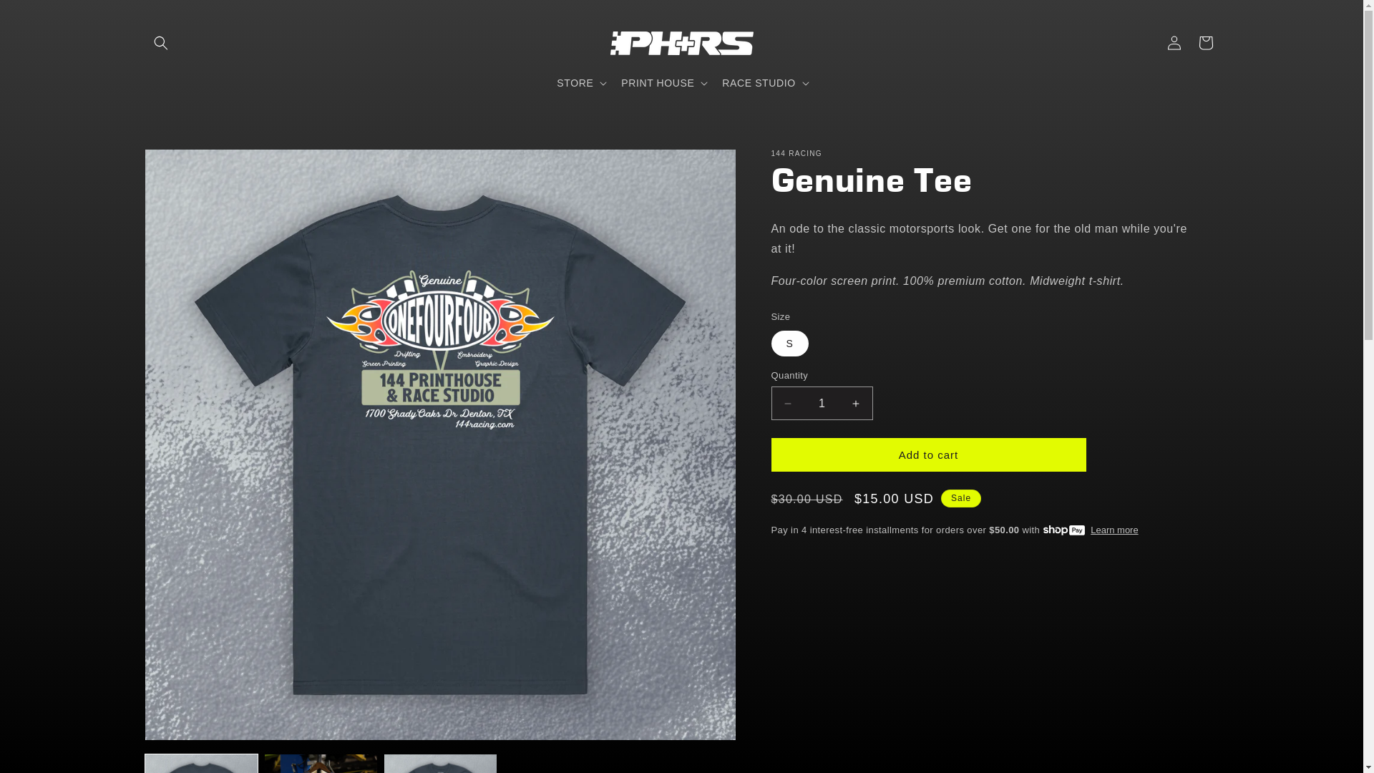 This screenshot has height=773, width=1374. Describe the element at coordinates (786, 403) in the screenshot. I see `'Decrease quantity for Genuine Tee'` at that location.